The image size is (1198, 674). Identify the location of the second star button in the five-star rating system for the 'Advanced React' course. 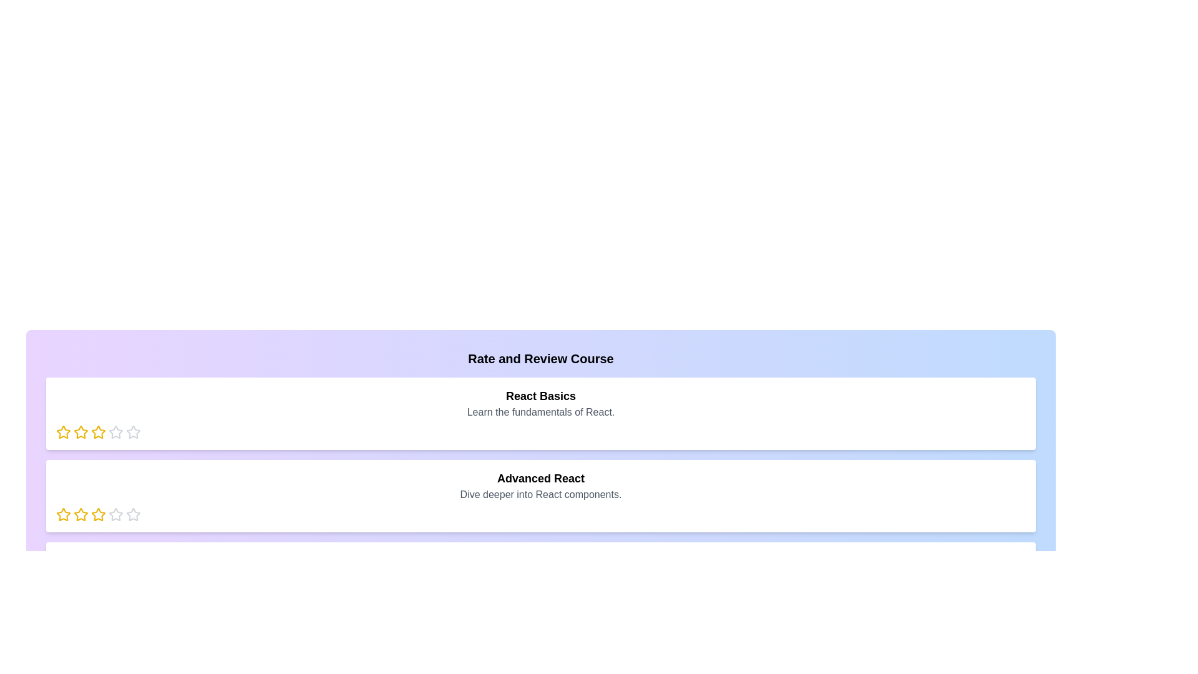
(116, 514).